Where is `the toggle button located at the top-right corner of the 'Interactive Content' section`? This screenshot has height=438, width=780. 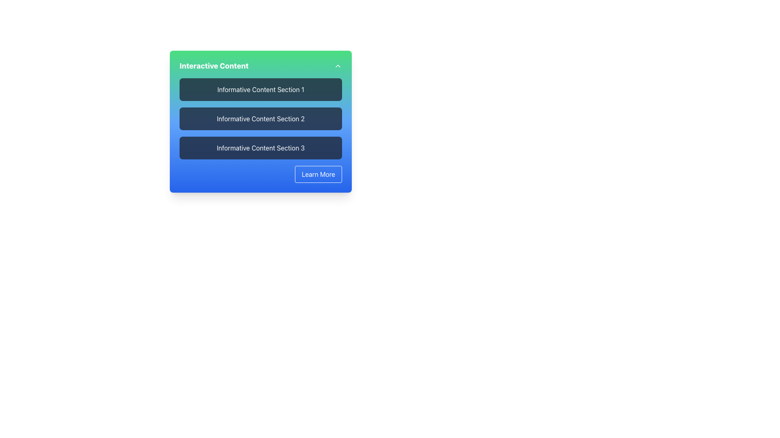 the toggle button located at the top-right corner of the 'Interactive Content' section is located at coordinates (338, 65).